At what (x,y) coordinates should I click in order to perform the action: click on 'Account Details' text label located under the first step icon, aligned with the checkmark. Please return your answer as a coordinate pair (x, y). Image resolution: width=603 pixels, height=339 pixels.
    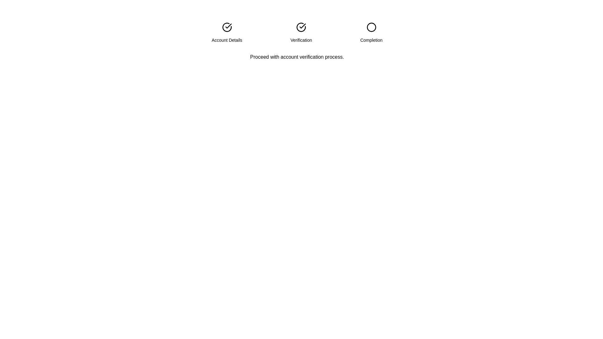
    Looking at the image, I should click on (226, 40).